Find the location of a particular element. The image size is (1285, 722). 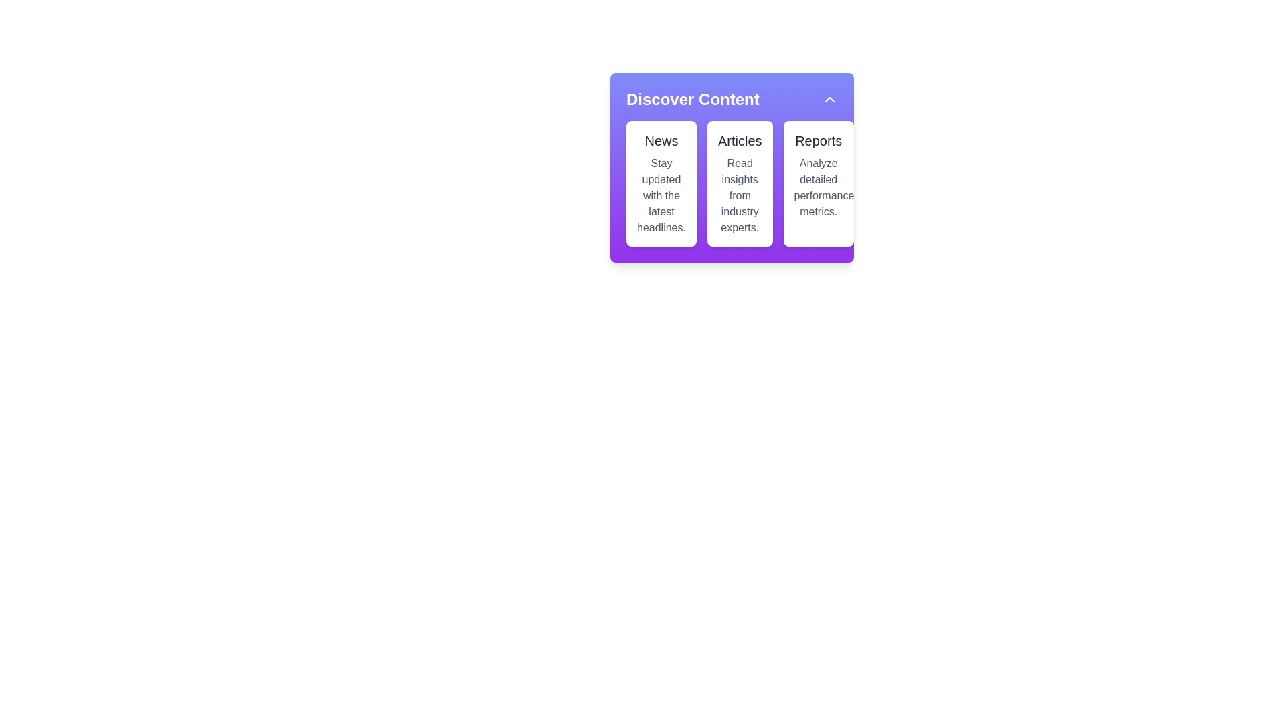

the 'Discover Content' header with interactive icon to focus on it is located at coordinates (732, 99).